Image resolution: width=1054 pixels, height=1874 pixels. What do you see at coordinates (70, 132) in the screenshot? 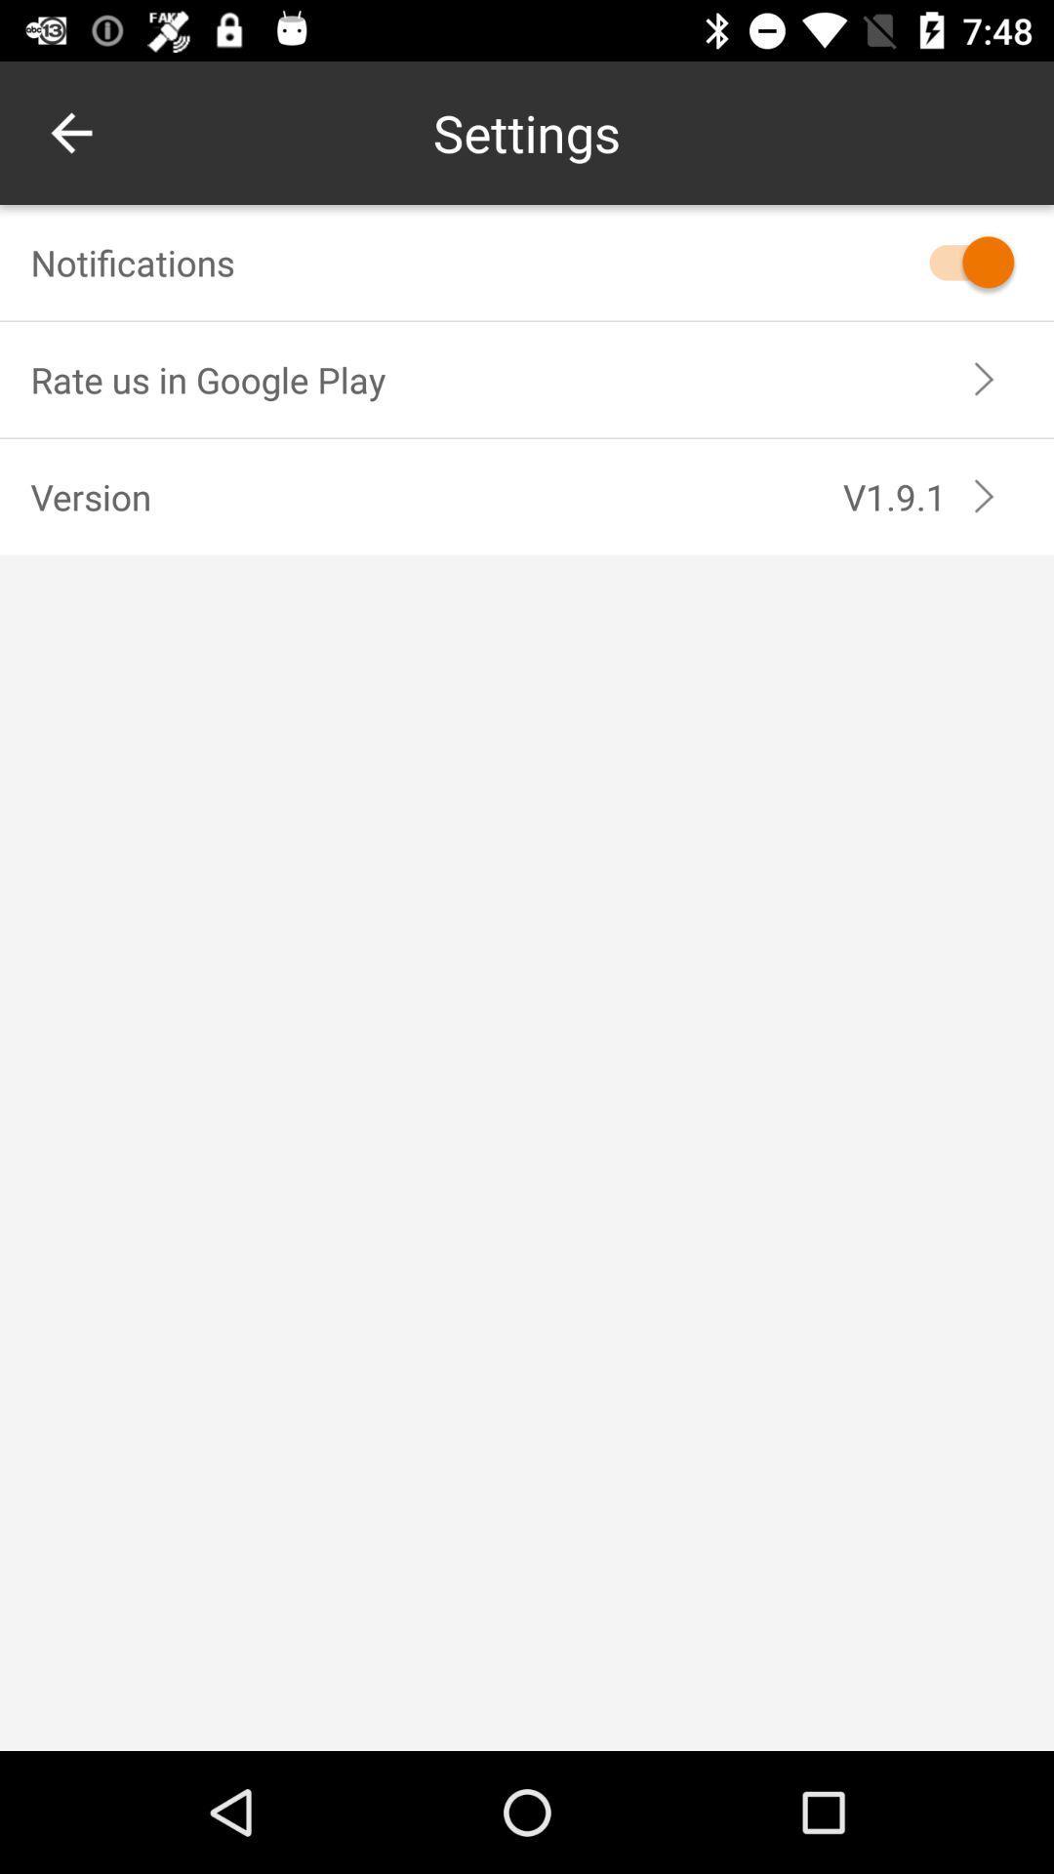
I see `the item to the left of settings icon` at bounding box center [70, 132].